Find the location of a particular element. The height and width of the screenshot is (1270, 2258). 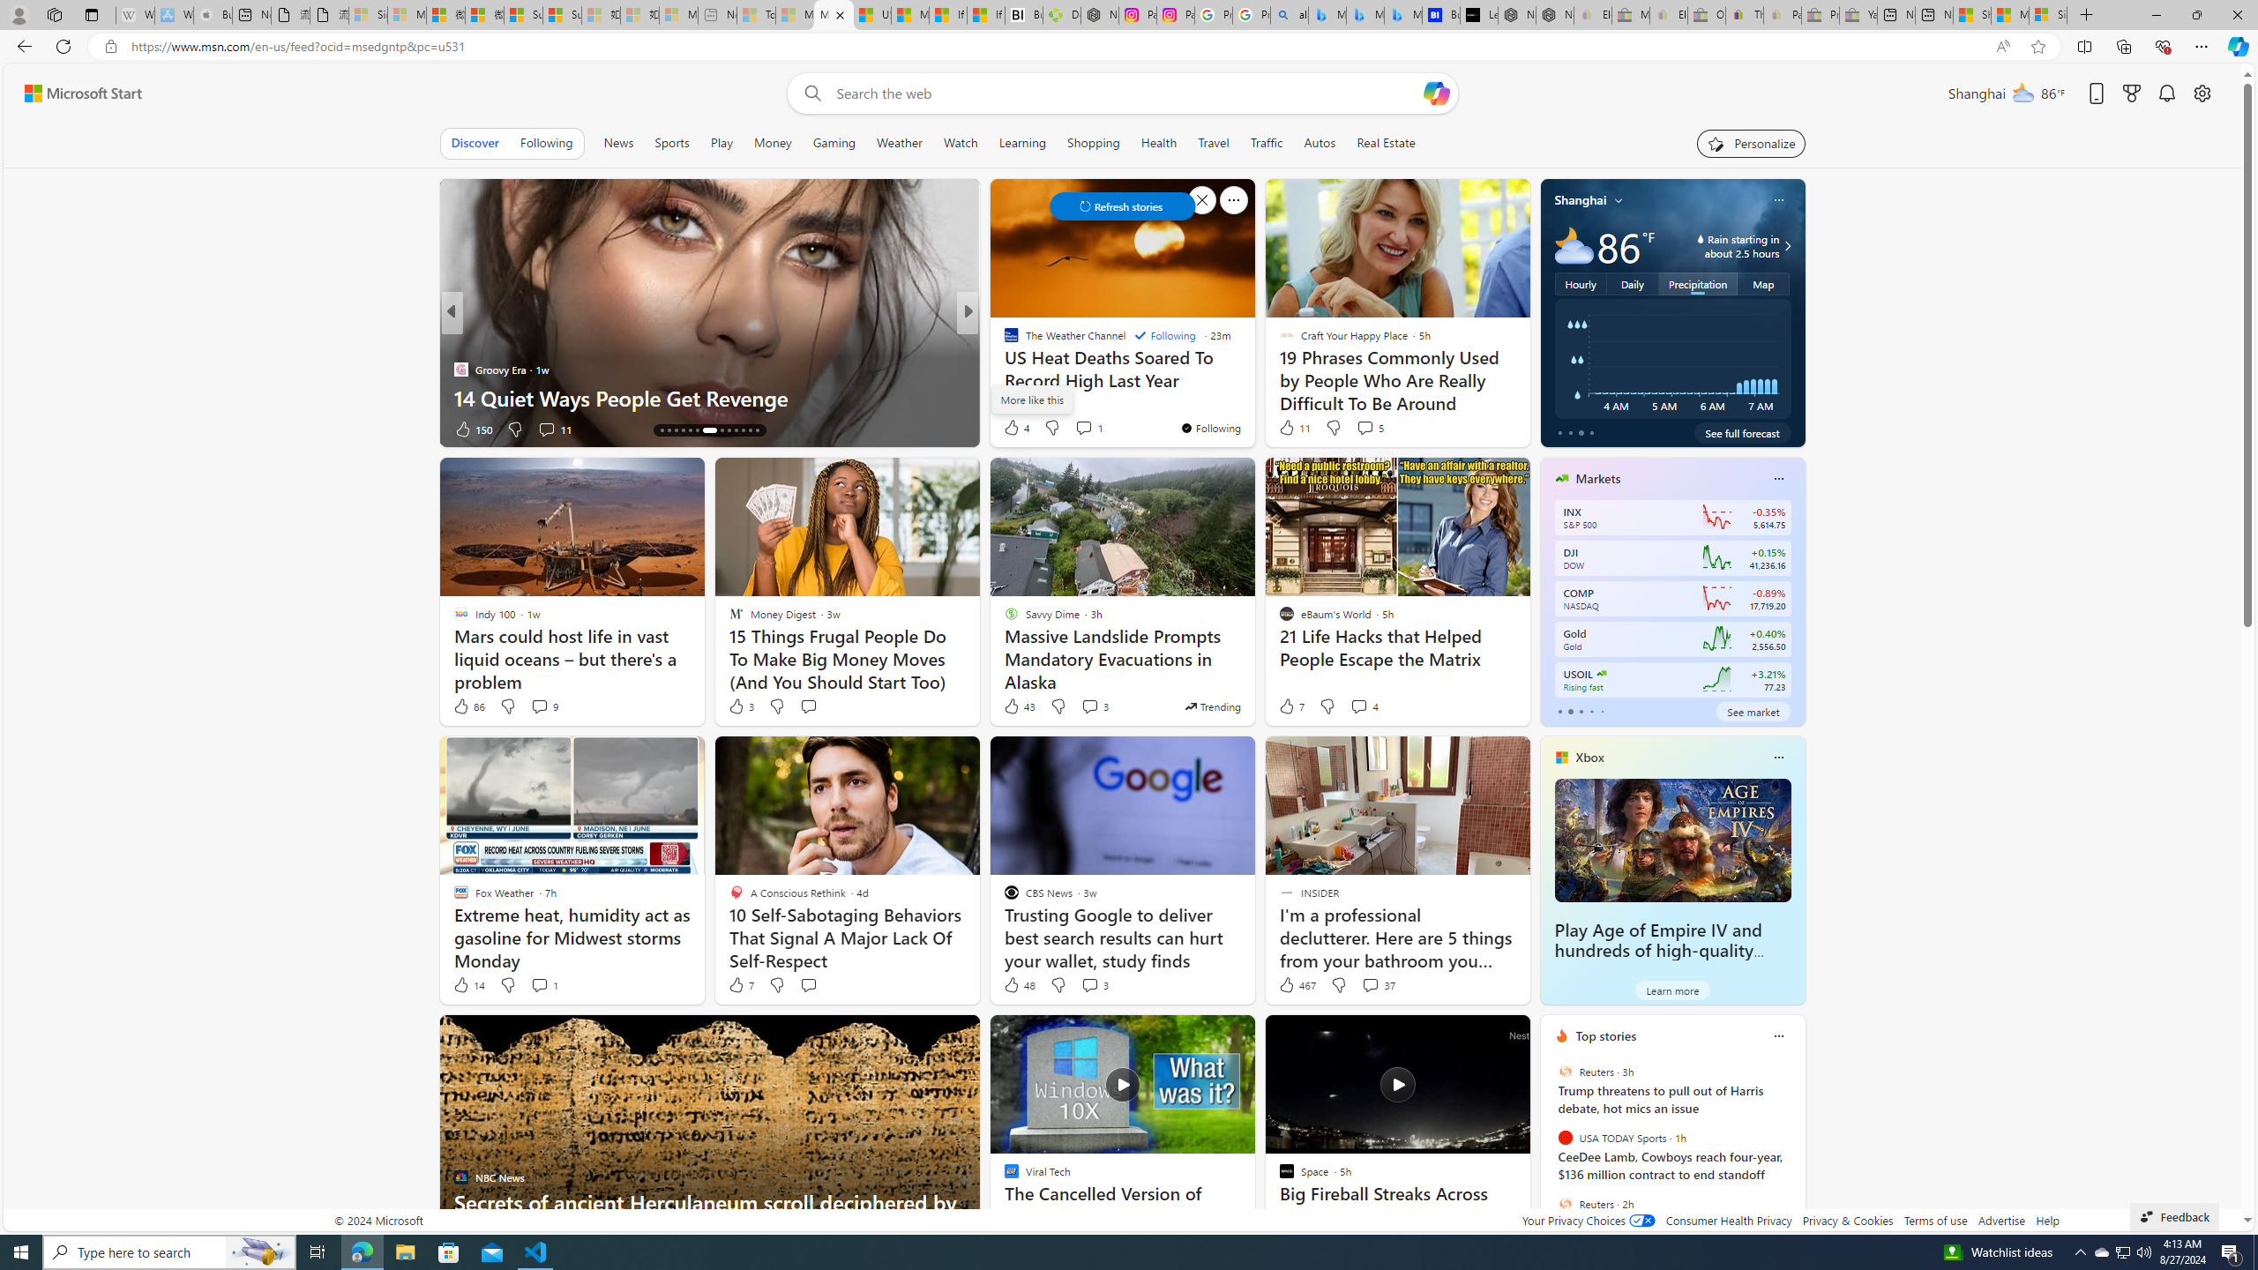

'Mostly cloudy' is located at coordinates (1574, 244).